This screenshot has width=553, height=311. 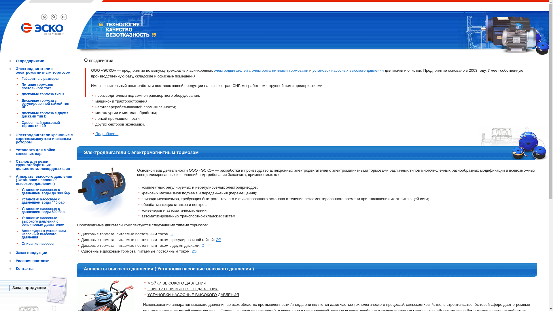 I want to click on 'D', so click(x=203, y=245).